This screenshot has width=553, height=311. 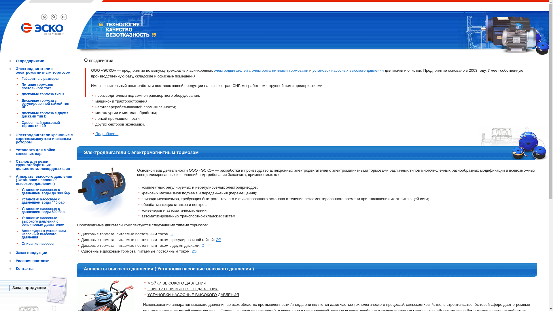 I want to click on 'D', so click(x=203, y=245).